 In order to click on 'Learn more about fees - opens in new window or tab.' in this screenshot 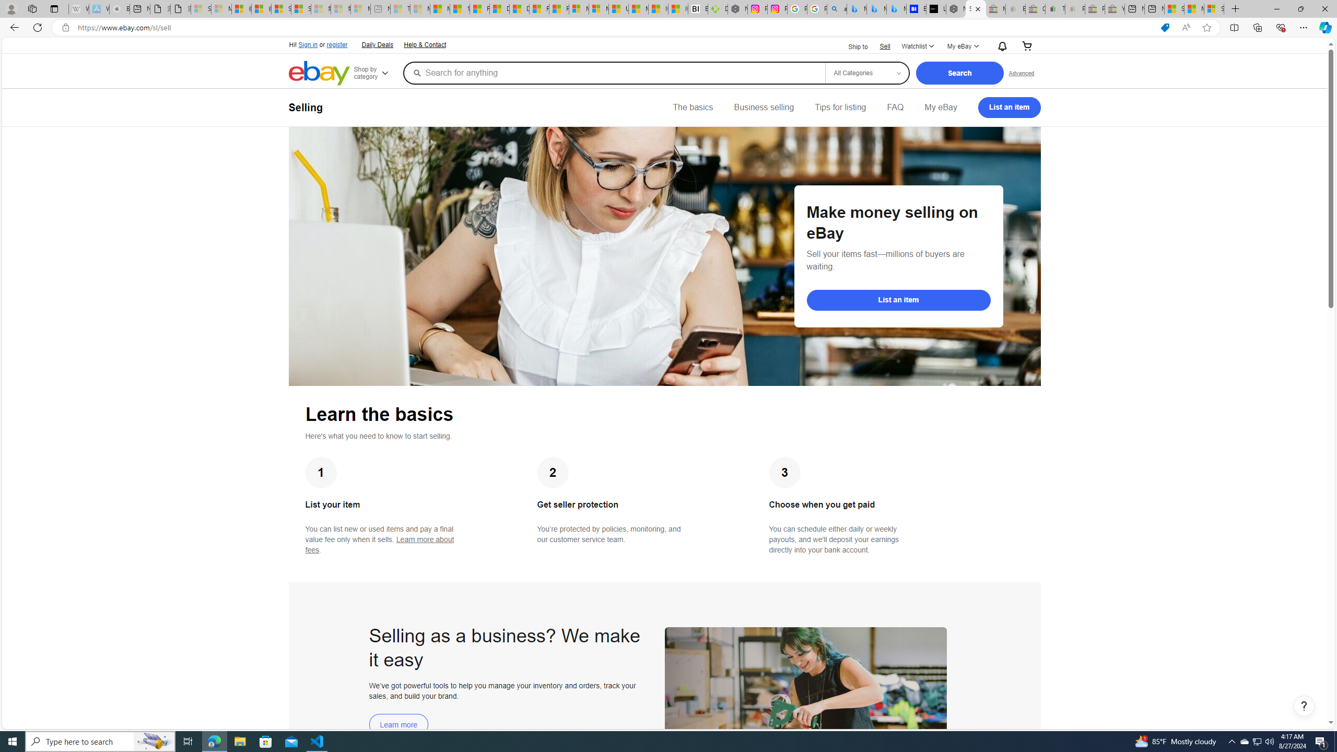, I will do `click(379, 544)`.